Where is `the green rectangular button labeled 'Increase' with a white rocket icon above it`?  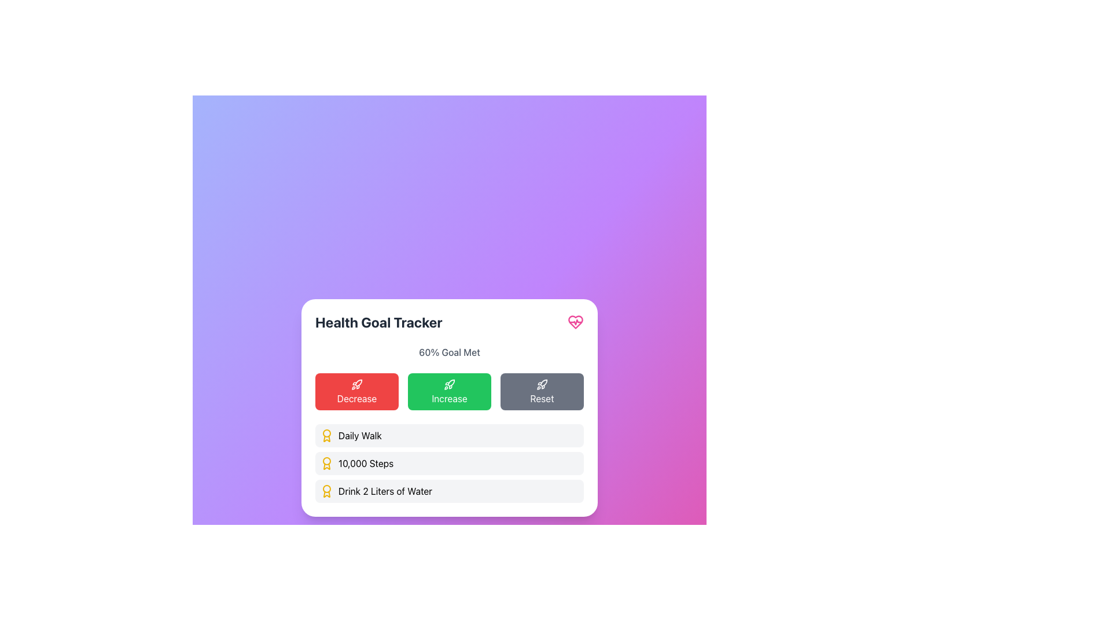
the green rectangular button labeled 'Increase' with a white rocket icon above it is located at coordinates (449, 391).